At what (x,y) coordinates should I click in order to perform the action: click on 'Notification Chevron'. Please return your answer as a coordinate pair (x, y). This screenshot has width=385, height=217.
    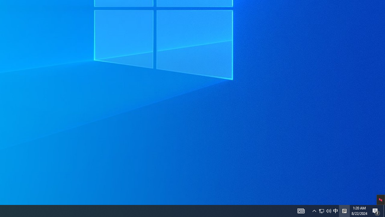
    Looking at the image, I should click on (314, 210).